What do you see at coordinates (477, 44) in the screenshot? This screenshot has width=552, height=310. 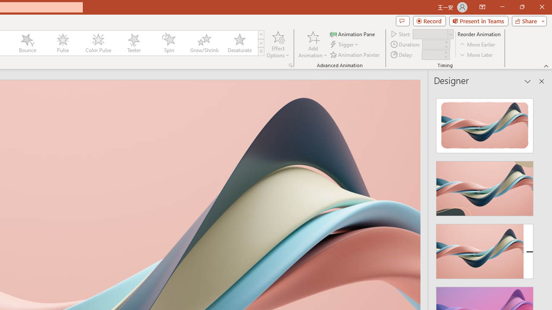 I see `'Move Earlier'` at bounding box center [477, 44].